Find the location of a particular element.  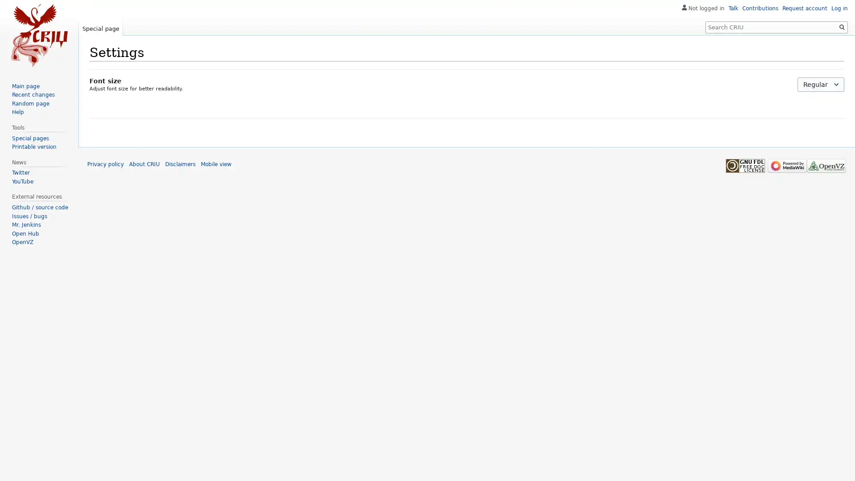

Search is located at coordinates (842, 27).